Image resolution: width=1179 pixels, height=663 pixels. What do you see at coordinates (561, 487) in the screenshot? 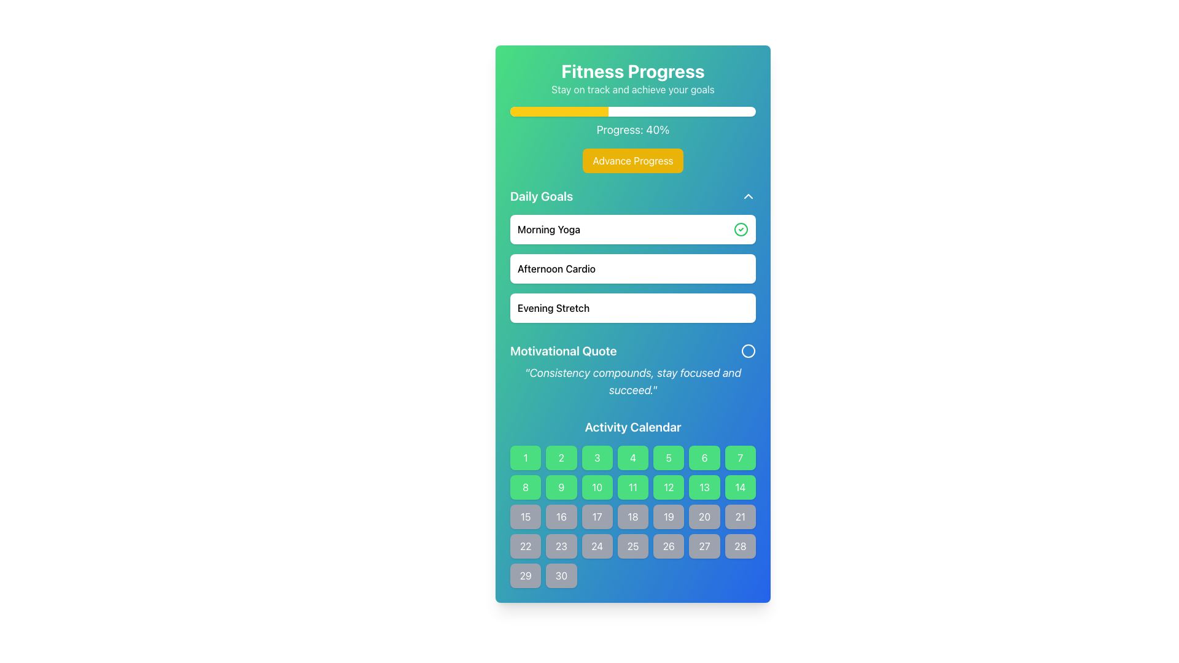
I see `the green square button with the number '9'` at bounding box center [561, 487].